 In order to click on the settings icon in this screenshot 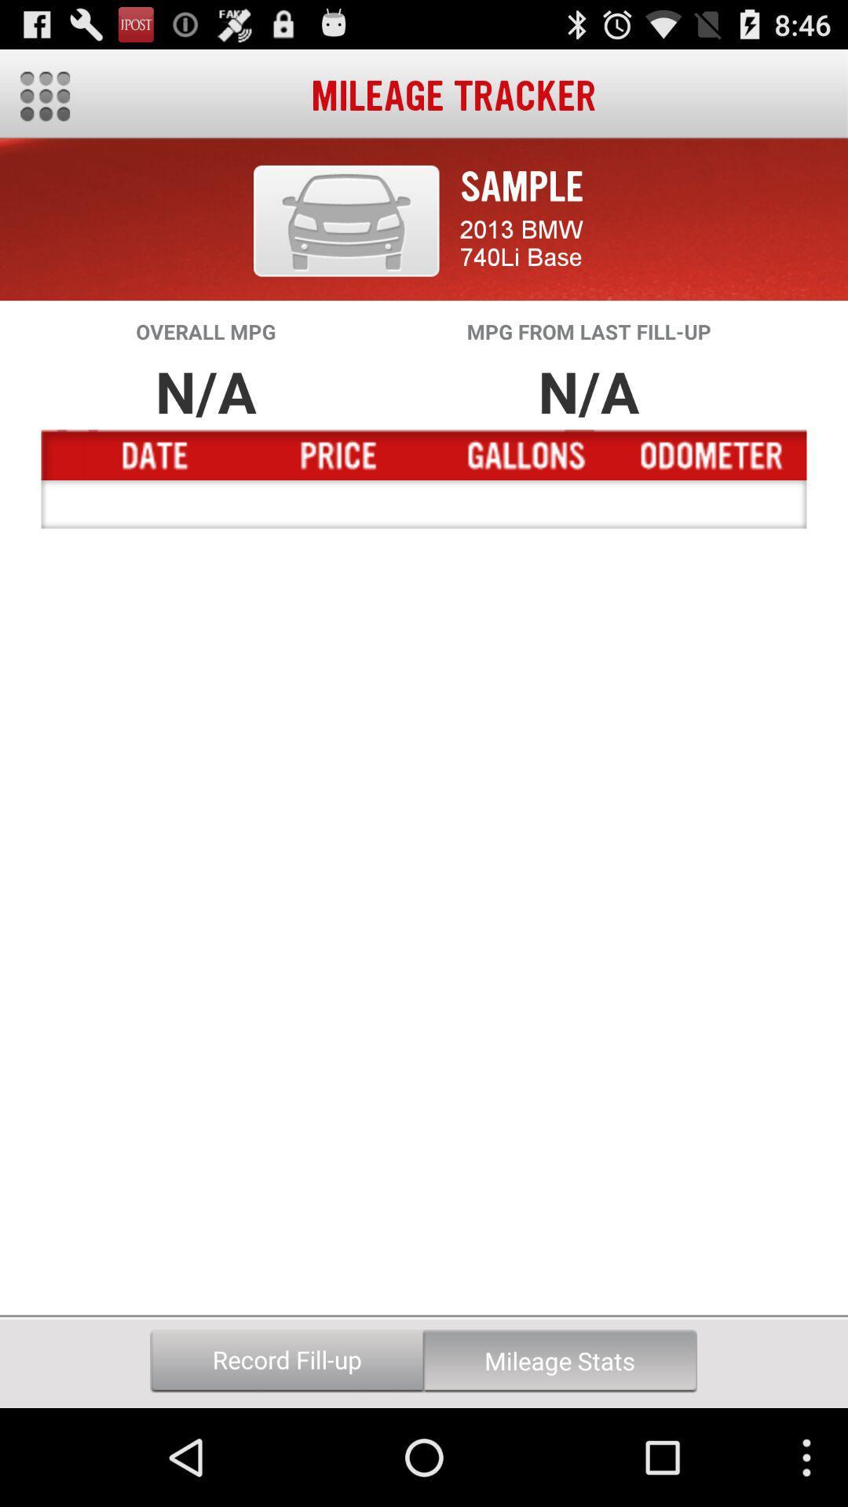, I will do `click(44, 102)`.